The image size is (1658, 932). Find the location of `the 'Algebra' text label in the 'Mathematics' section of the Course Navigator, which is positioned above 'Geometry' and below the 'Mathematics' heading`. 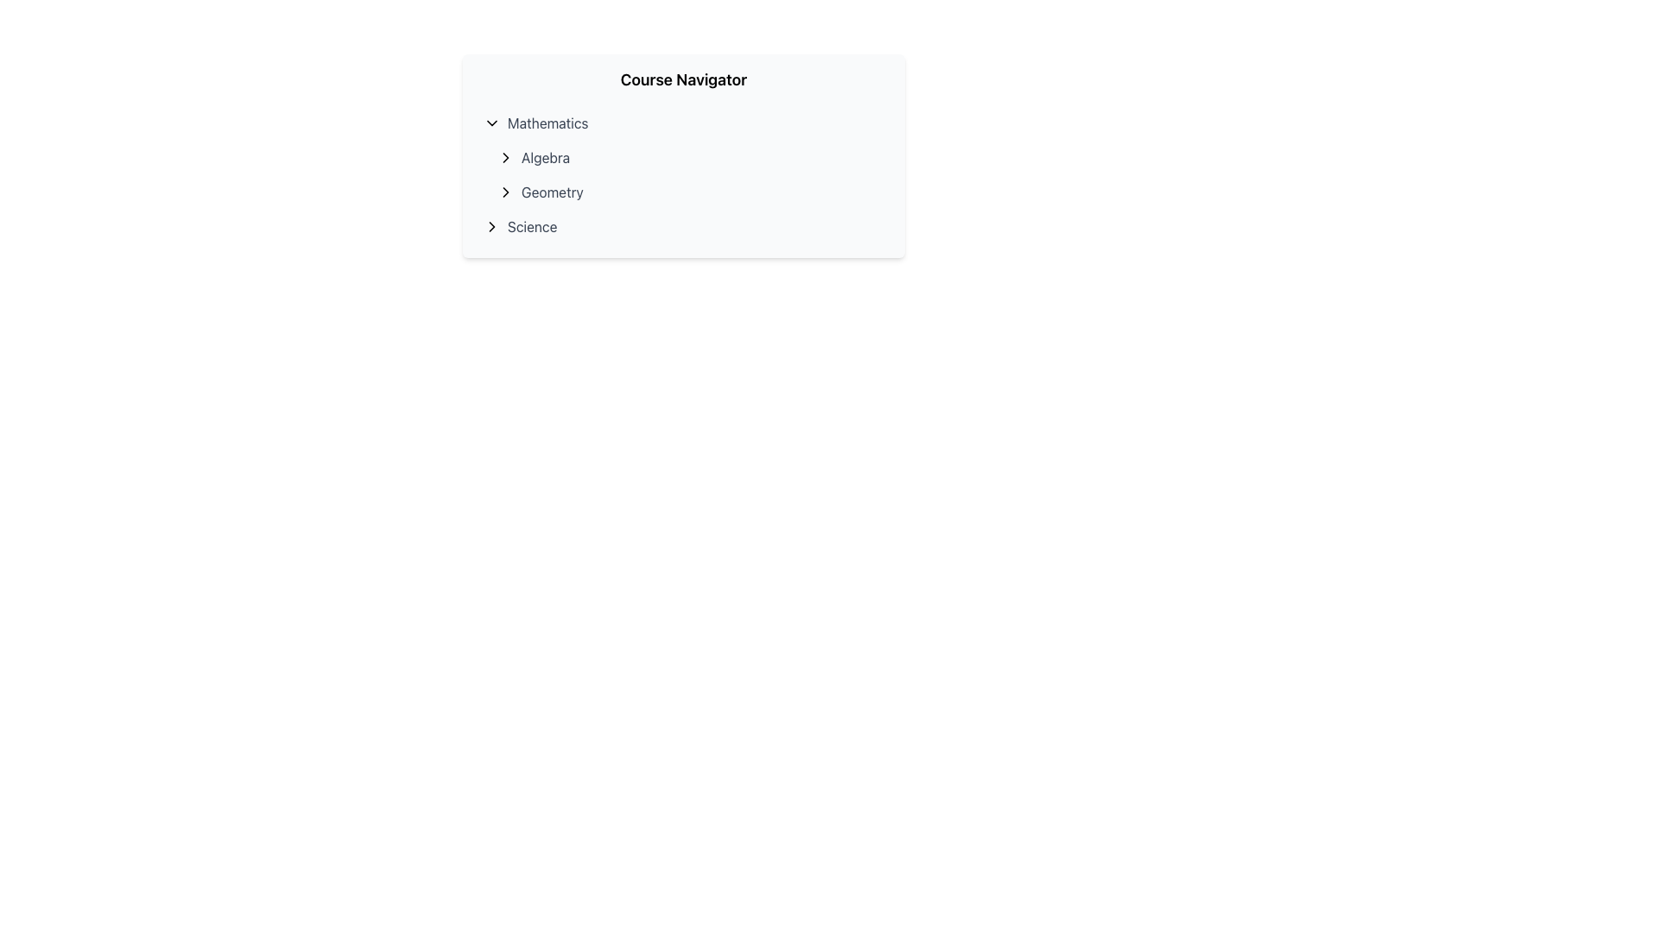

the 'Algebra' text label in the 'Mathematics' section of the Course Navigator, which is positioned above 'Geometry' and below the 'Mathematics' heading is located at coordinates (545, 157).